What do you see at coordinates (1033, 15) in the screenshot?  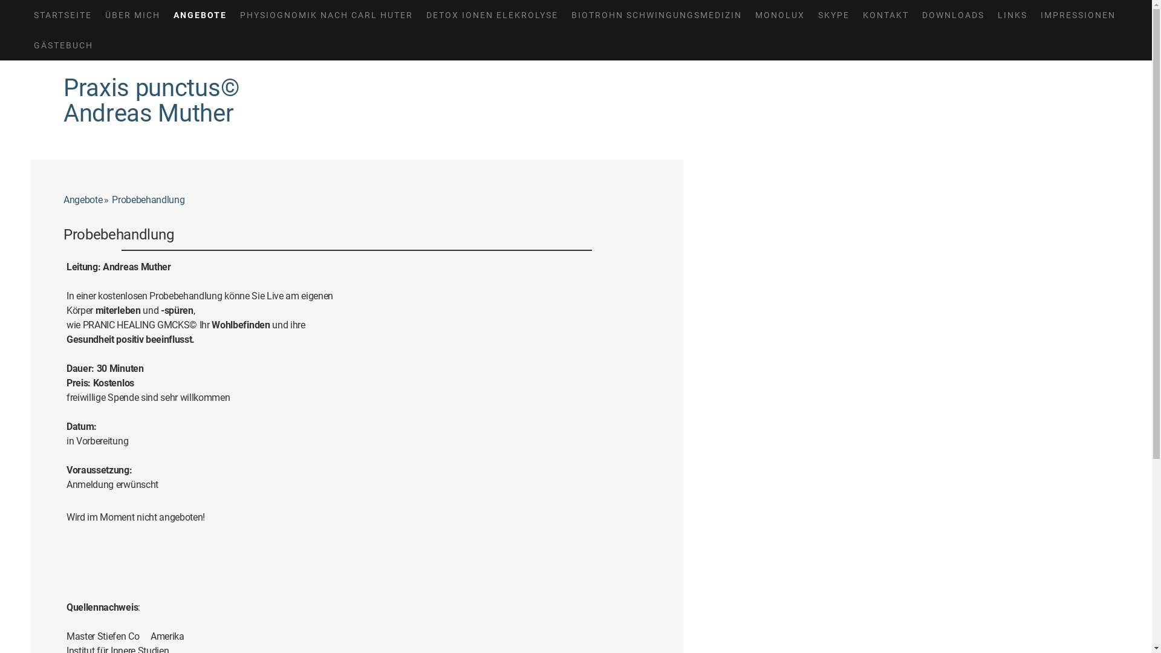 I see `'IMPRESSIONEN'` at bounding box center [1033, 15].